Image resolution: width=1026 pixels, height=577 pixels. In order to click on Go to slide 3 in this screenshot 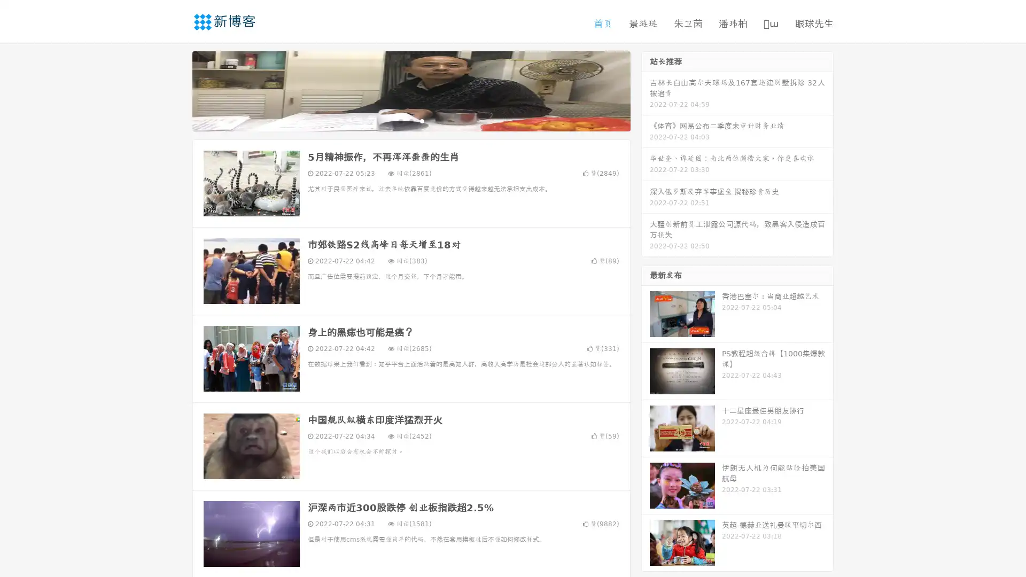, I will do `click(422, 120)`.